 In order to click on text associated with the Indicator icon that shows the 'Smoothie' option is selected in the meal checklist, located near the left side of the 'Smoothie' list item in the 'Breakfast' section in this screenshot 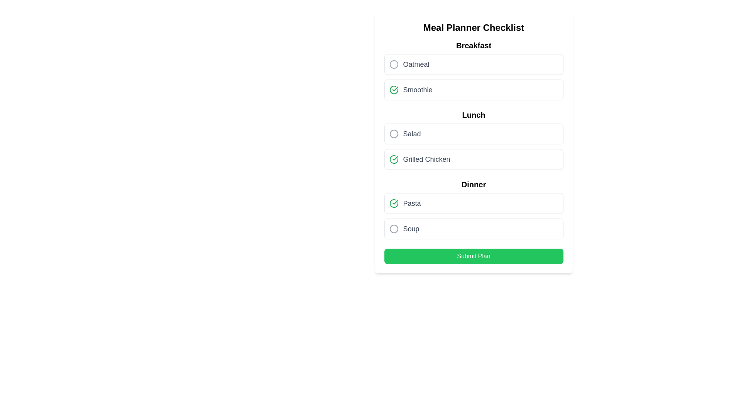, I will do `click(394, 89)`.